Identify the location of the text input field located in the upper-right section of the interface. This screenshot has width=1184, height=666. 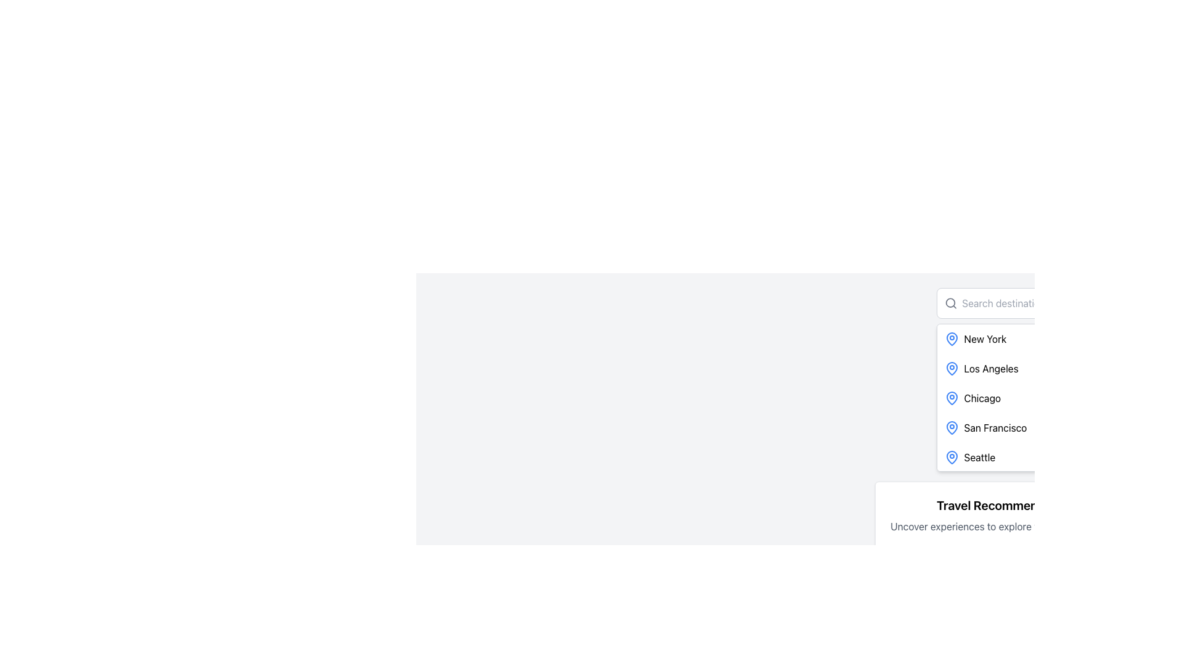
(1017, 303).